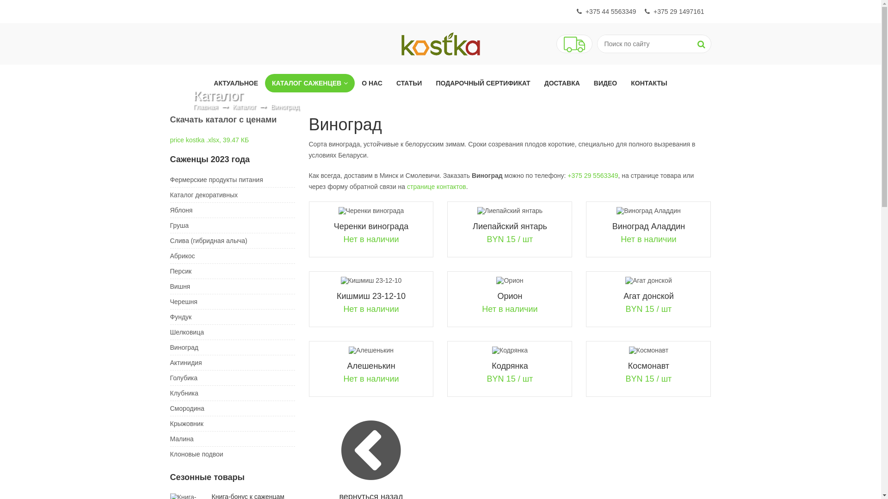 The height and width of the screenshot is (499, 888). Describe the element at coordinates (674, 11) in the screenshot. I see `'+375 29 1497161'` at that location.